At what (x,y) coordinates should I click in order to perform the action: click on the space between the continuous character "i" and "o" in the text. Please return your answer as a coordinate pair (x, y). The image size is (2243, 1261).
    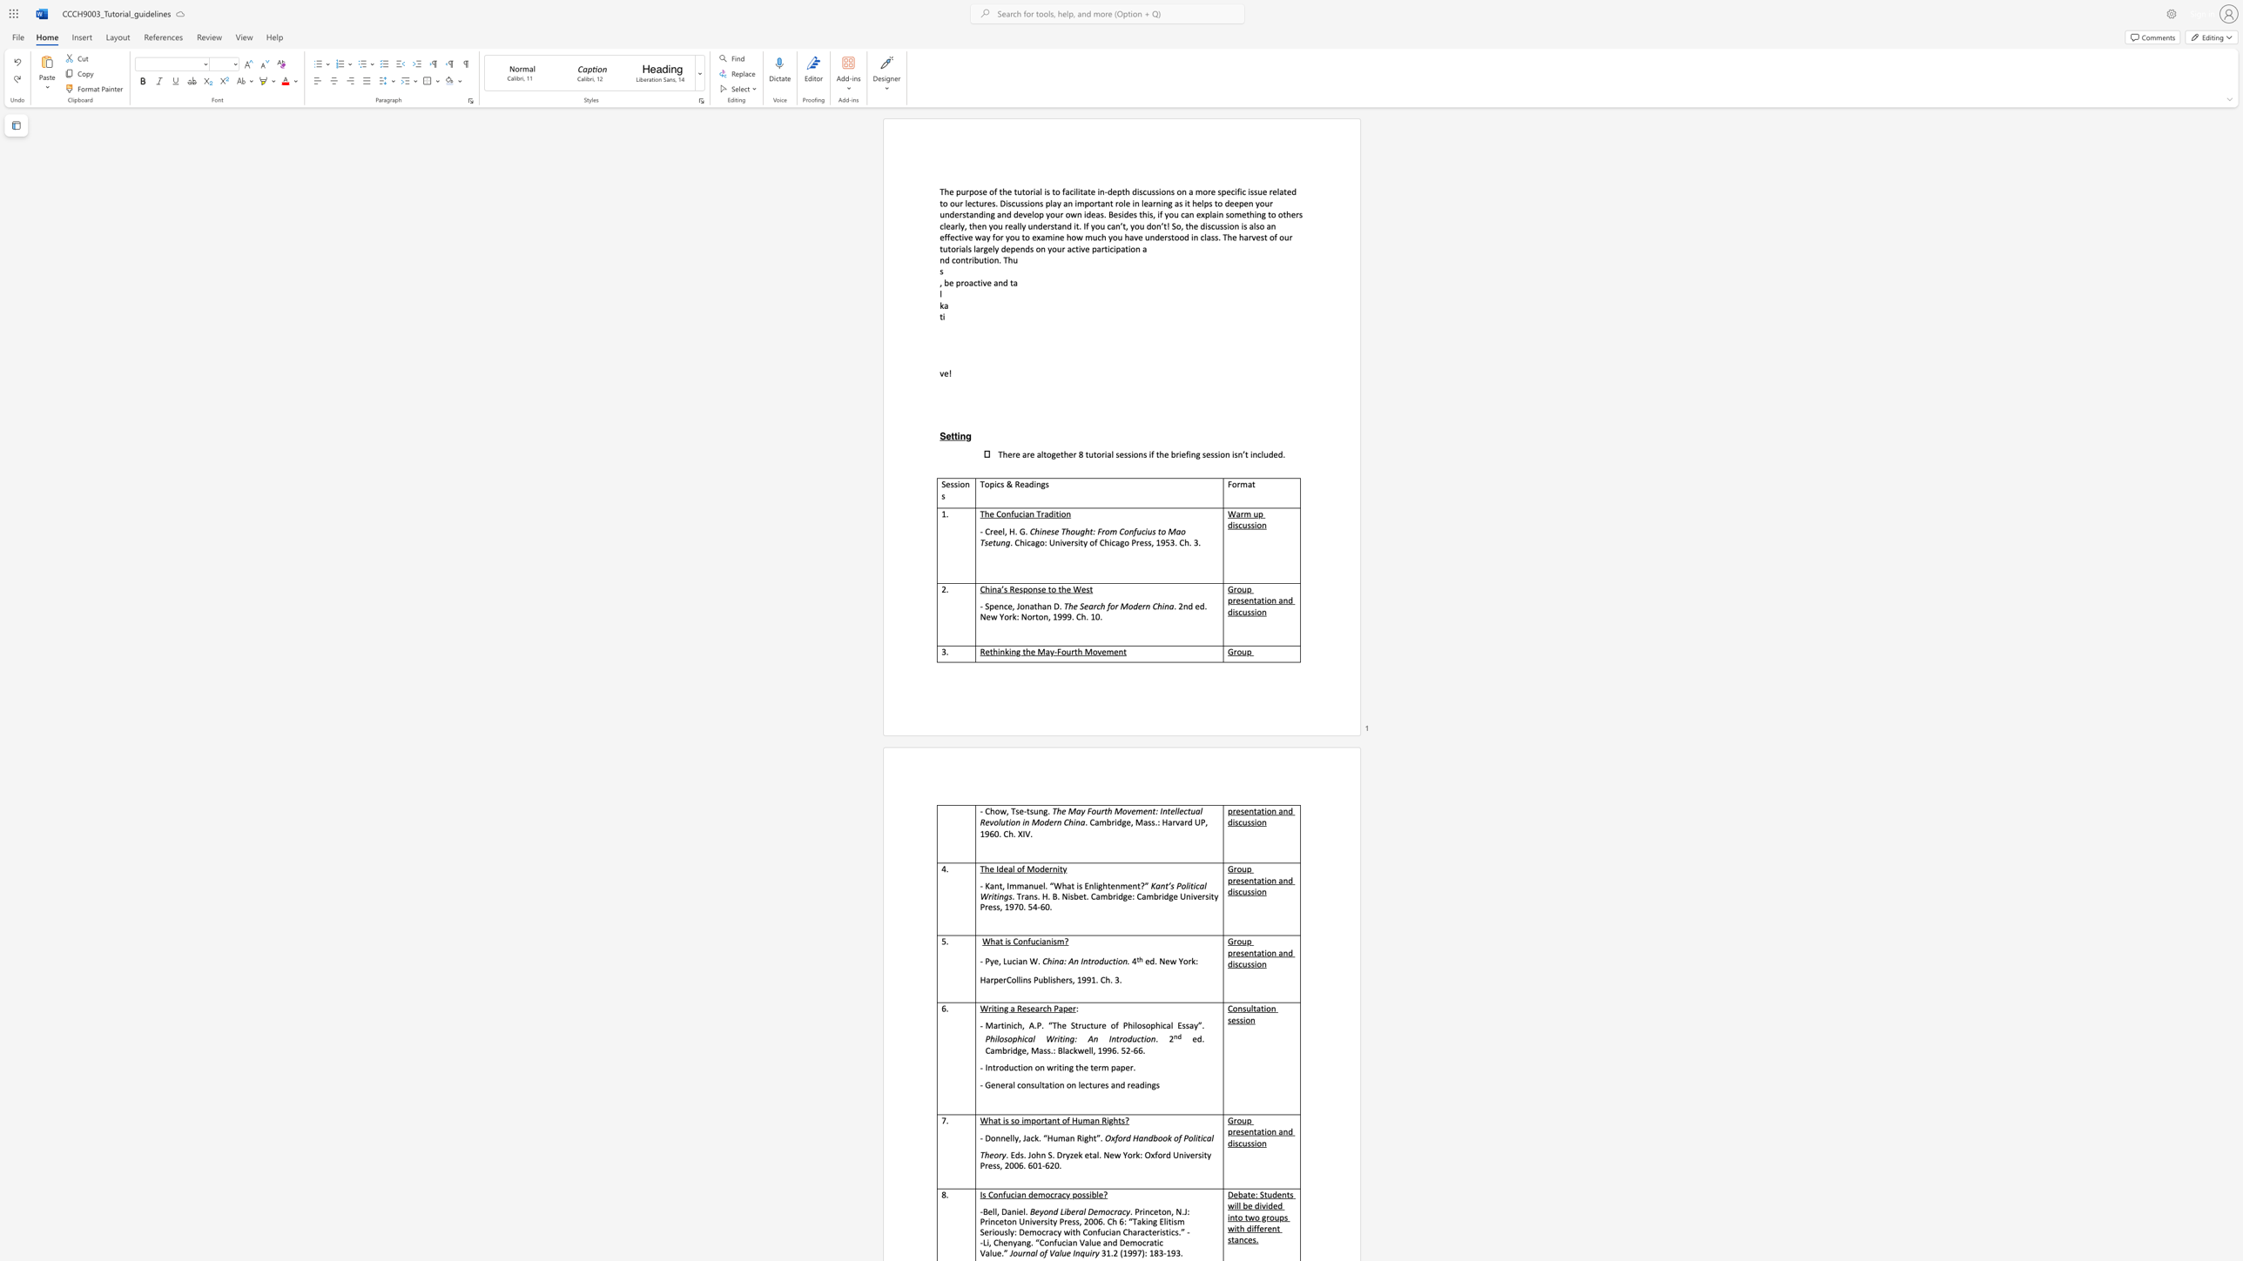
    Looking at the image, I should click on (1061, 513).